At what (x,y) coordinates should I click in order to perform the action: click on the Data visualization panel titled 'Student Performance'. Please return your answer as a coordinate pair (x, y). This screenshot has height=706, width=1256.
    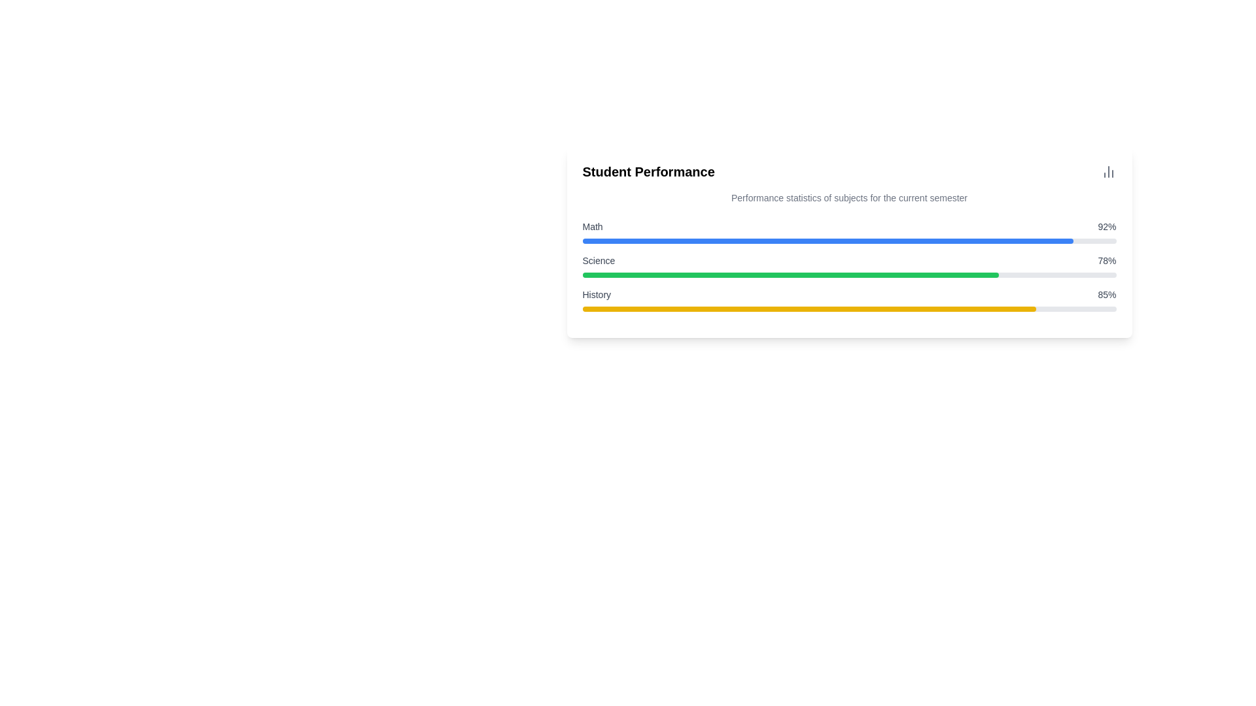
    Looking at the image, I should click on (849, 242).